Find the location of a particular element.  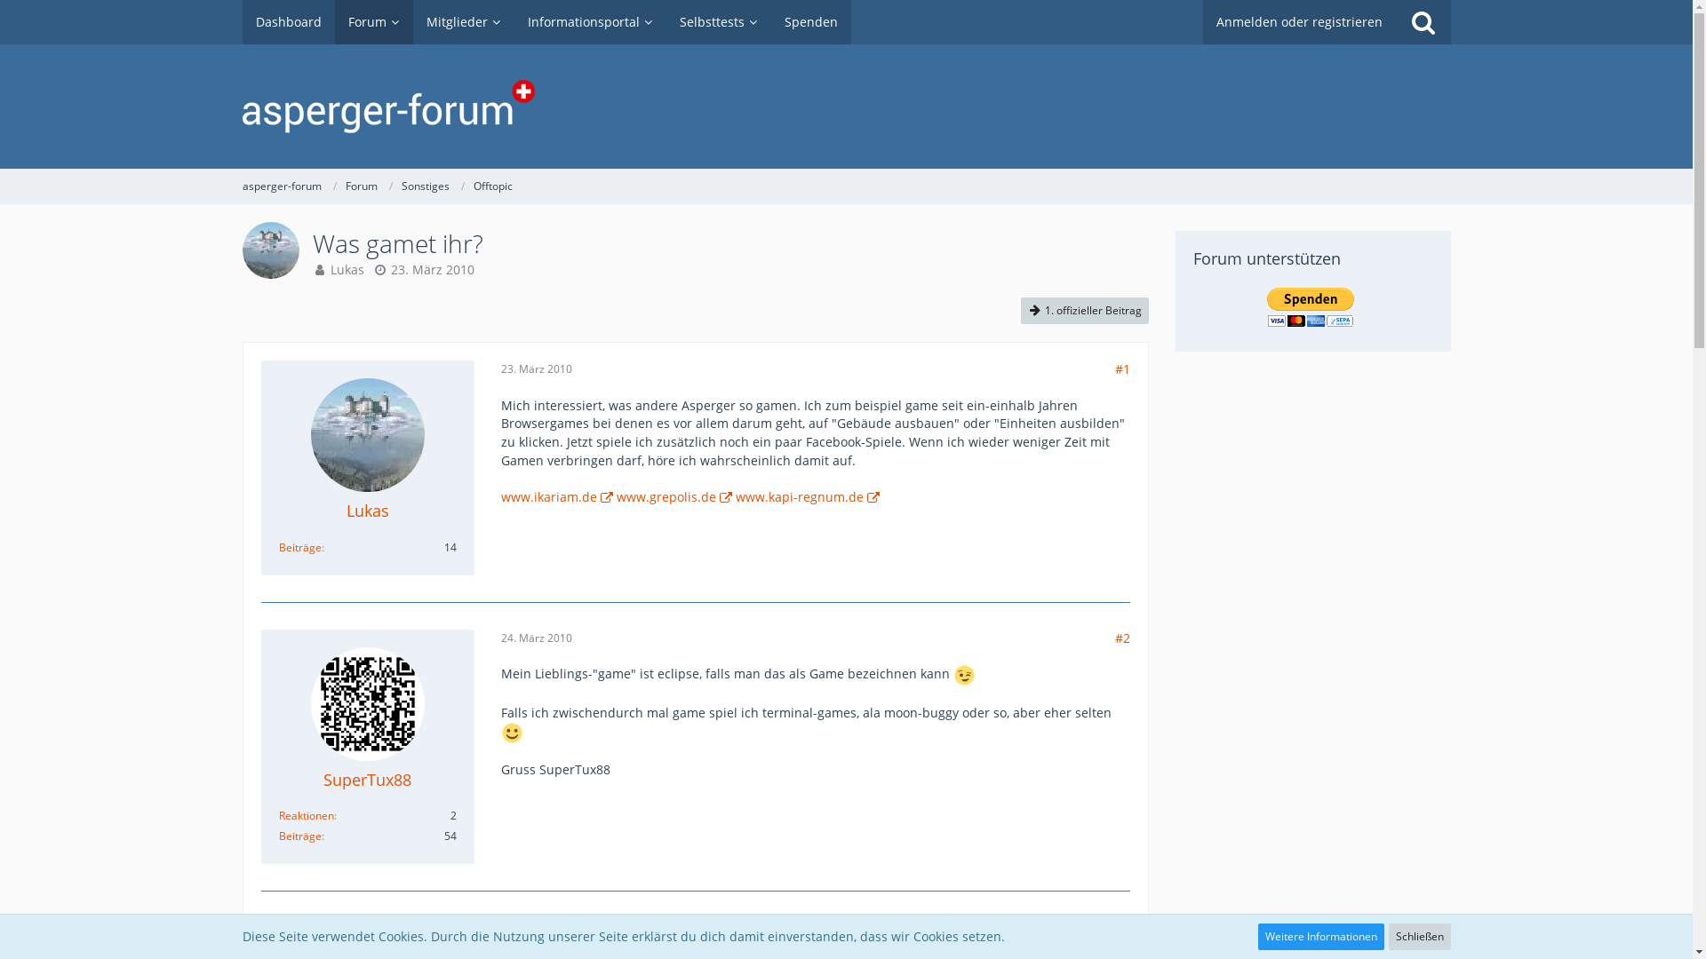

'PayPal - Spenden' is located at coordinates (1310, 306).